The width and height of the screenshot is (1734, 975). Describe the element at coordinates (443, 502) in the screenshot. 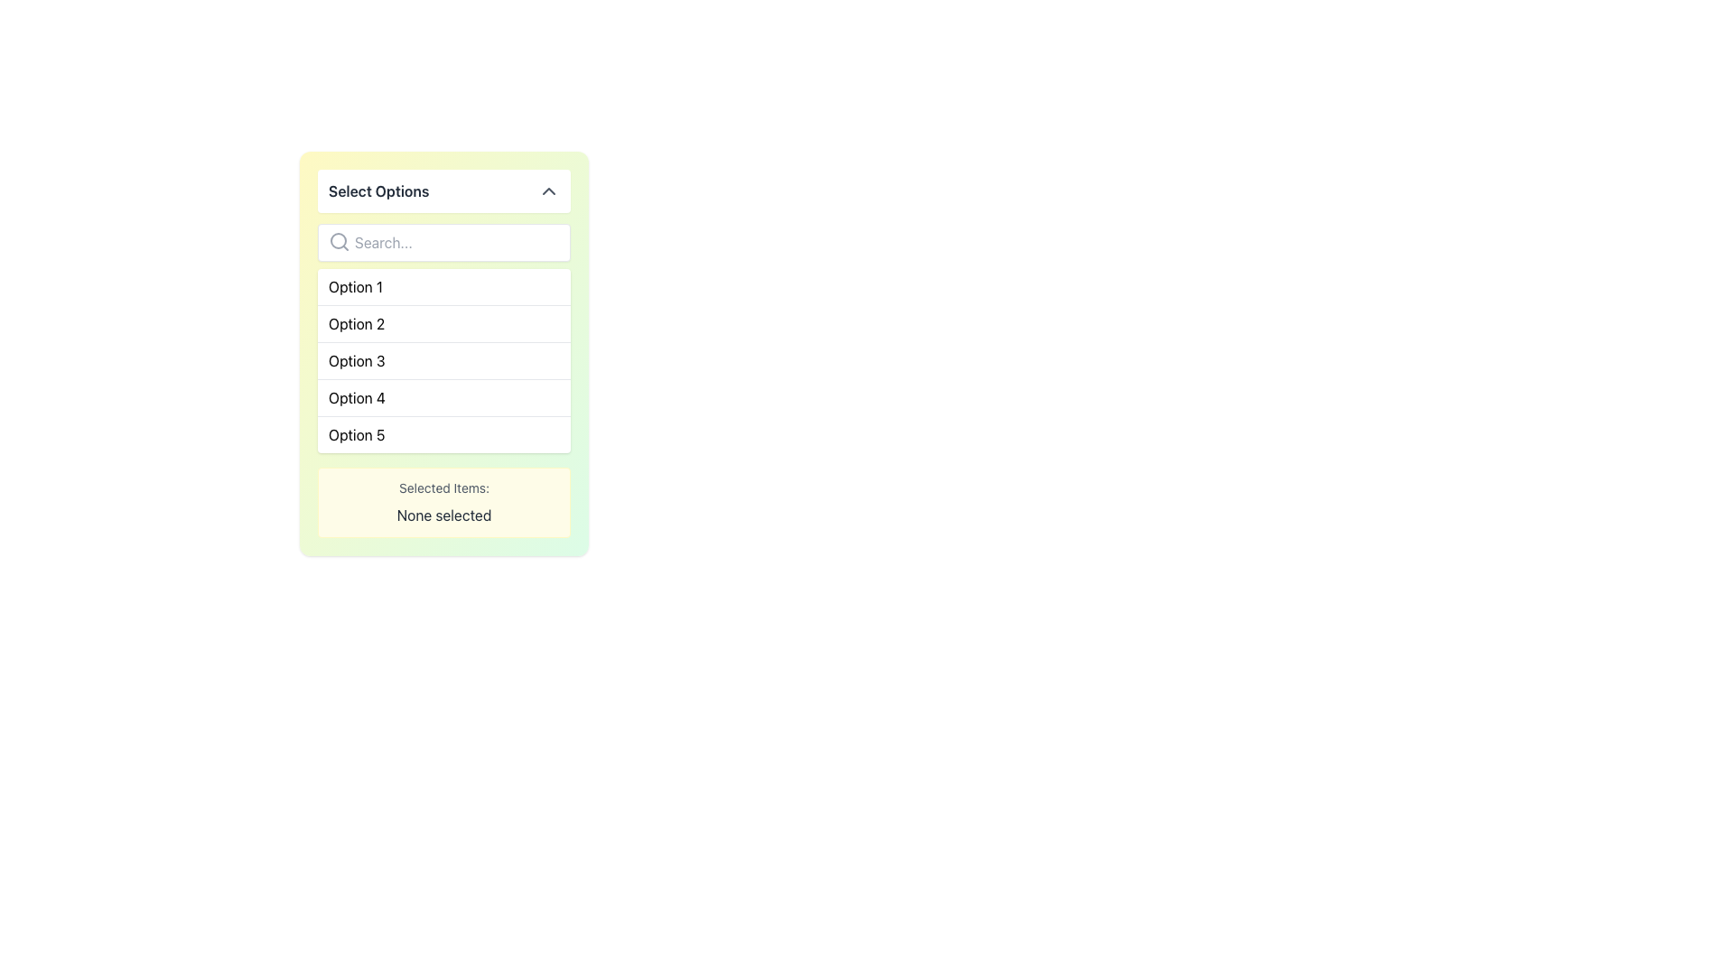

I see `the informational display panel at the bottom of the selection panel, which has a soft yellow background and contains the text 'Selected Items:' and 'None selected'` at that location.